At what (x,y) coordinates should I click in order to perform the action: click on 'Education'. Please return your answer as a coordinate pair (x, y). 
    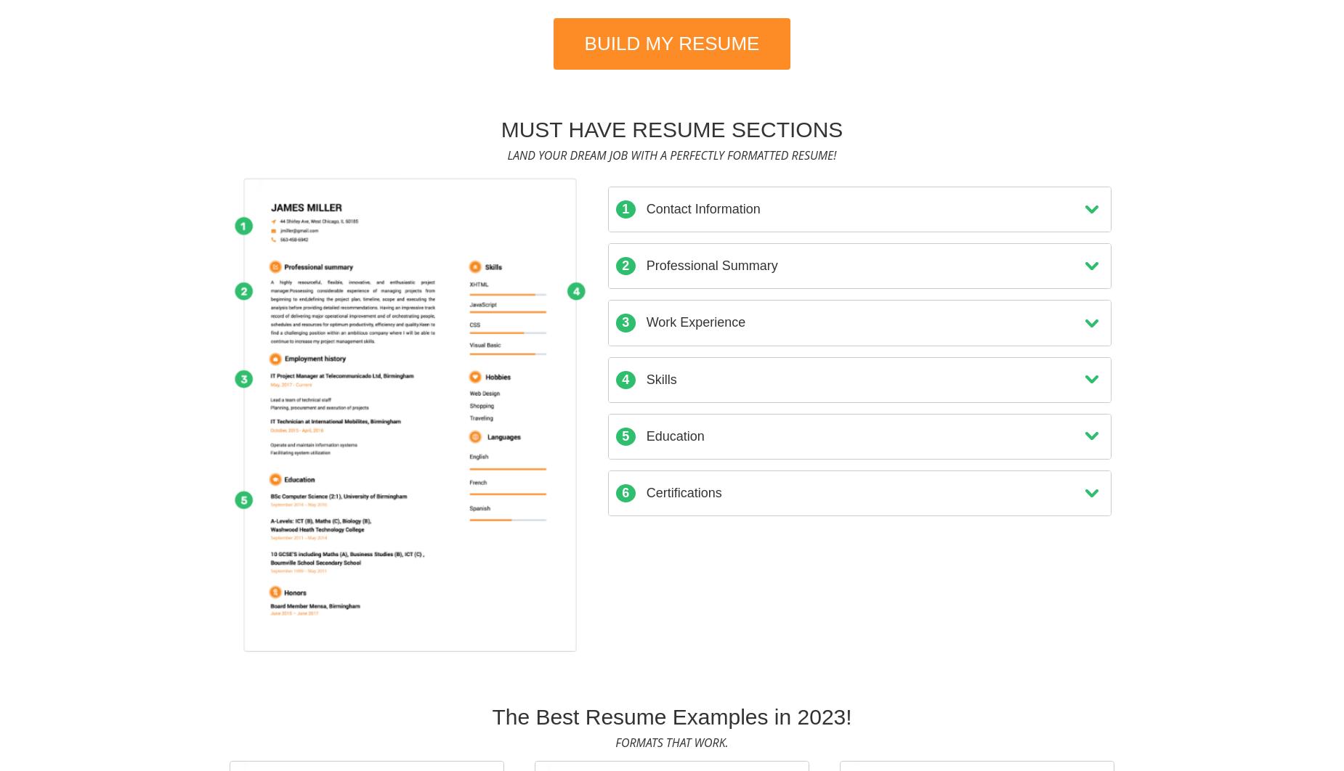
    Looking at the image, I should click on (672, 436).